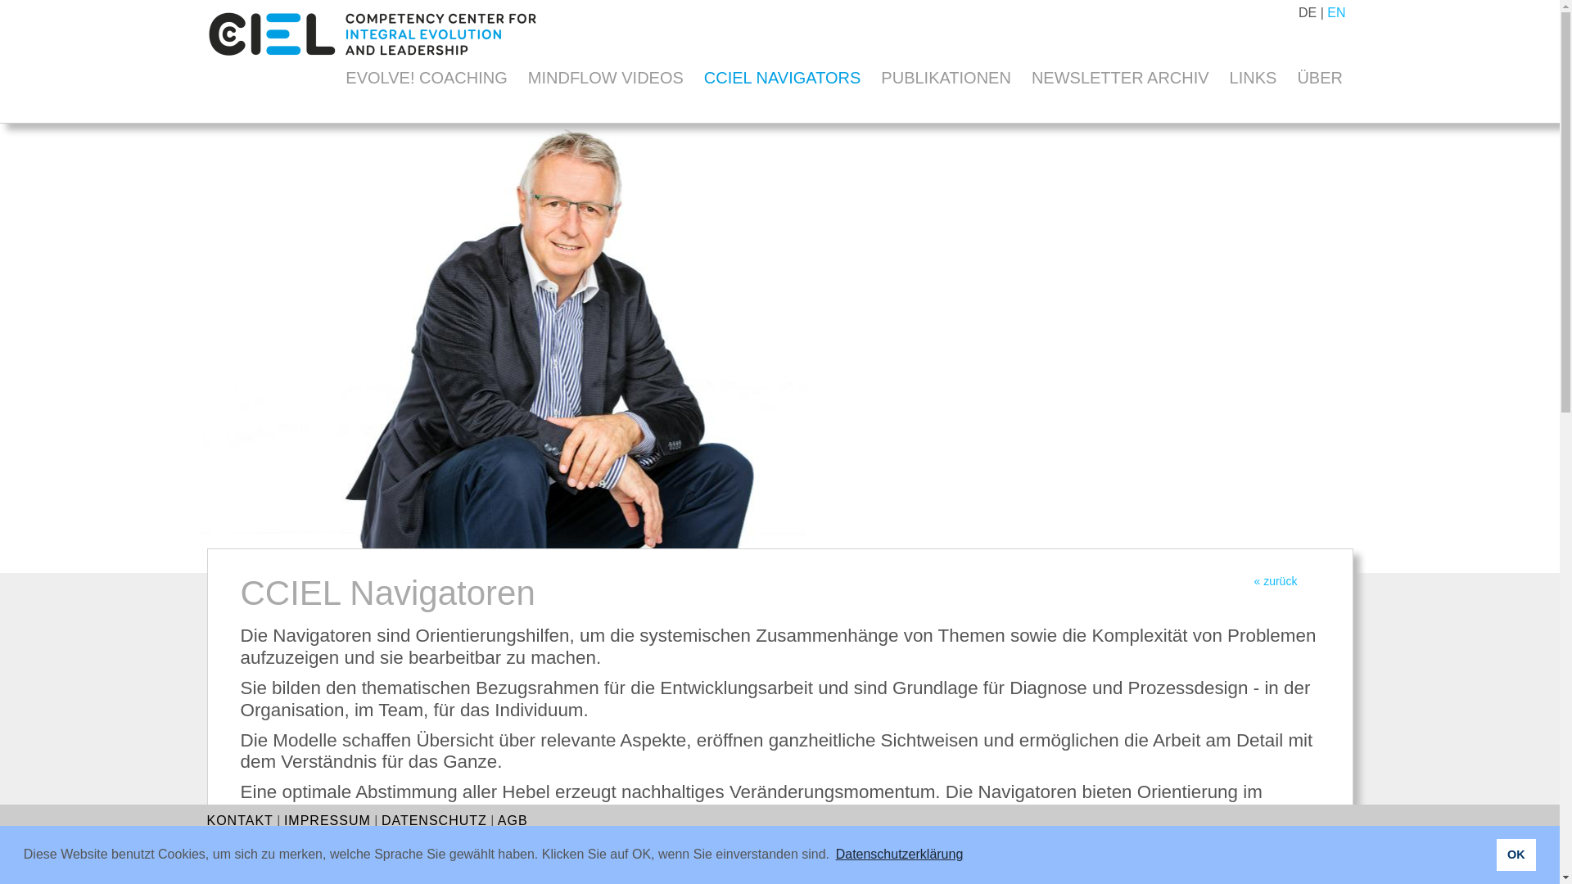  I want to click on 'Instagram', so click(1311, 866).